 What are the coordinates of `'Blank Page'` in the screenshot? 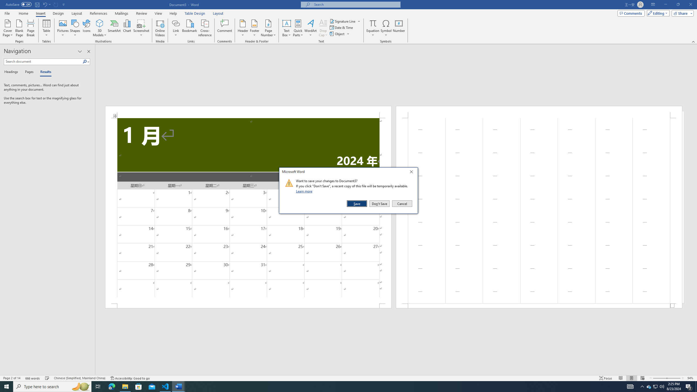 It's located at (19, 28).